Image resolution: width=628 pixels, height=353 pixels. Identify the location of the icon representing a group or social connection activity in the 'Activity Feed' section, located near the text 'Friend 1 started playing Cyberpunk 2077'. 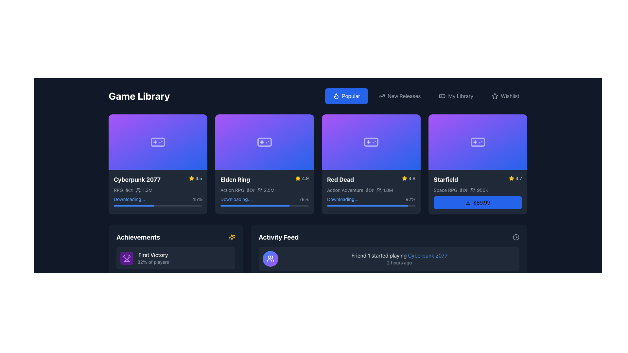
(270, 258).